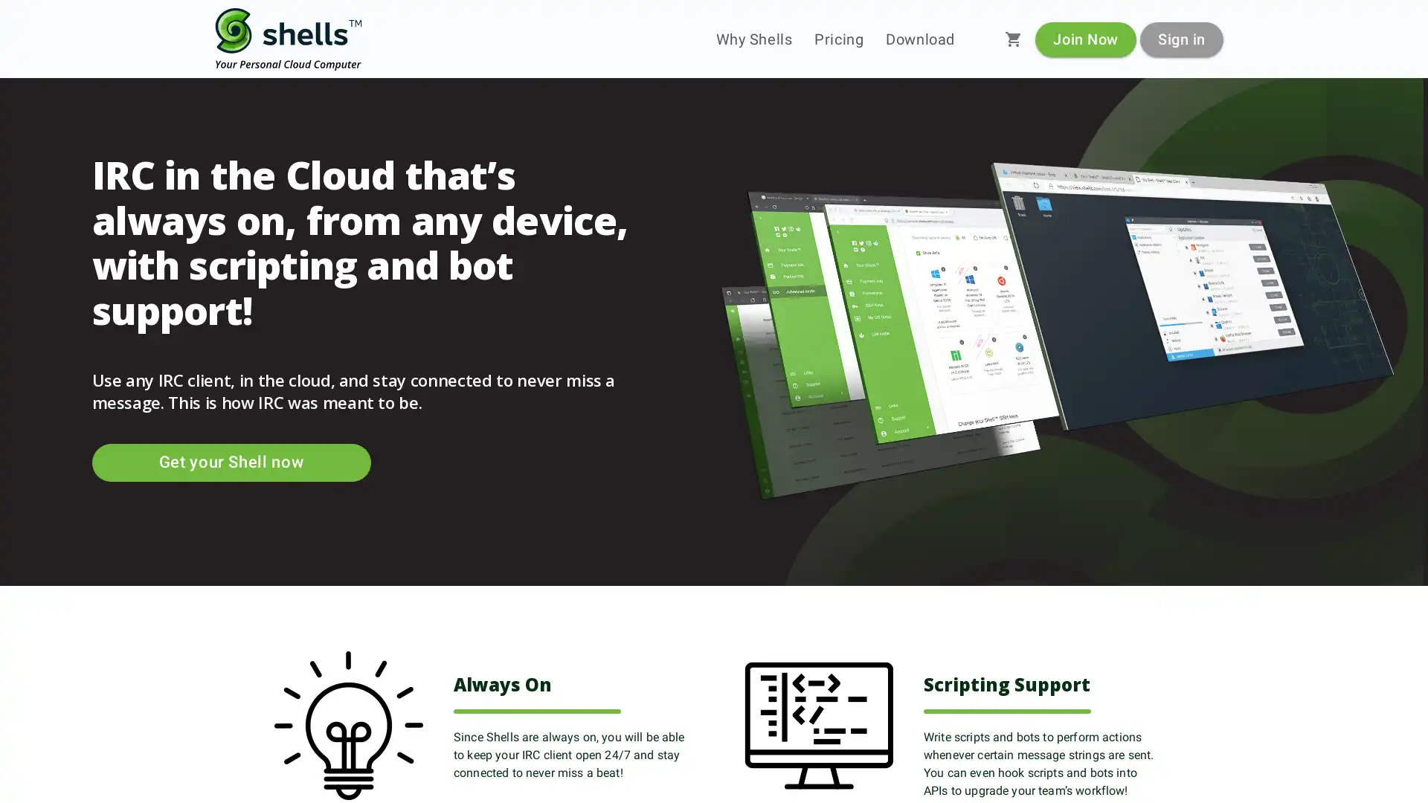  What do you see at coordinates (1180, 38) in the screenshot?
I see `Sign in` at bounding box center [1180, 38].